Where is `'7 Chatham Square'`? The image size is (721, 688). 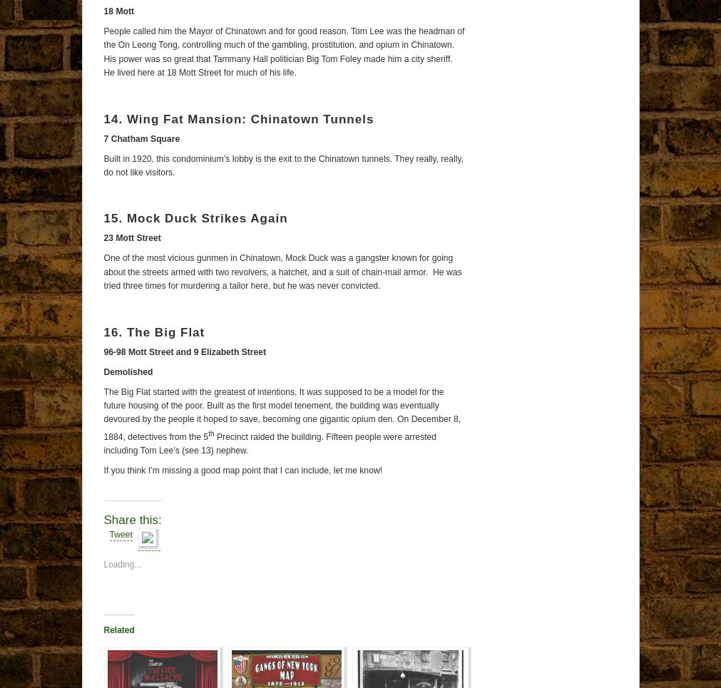 '7 Chatham Square' is located at coordinates (141, 138).